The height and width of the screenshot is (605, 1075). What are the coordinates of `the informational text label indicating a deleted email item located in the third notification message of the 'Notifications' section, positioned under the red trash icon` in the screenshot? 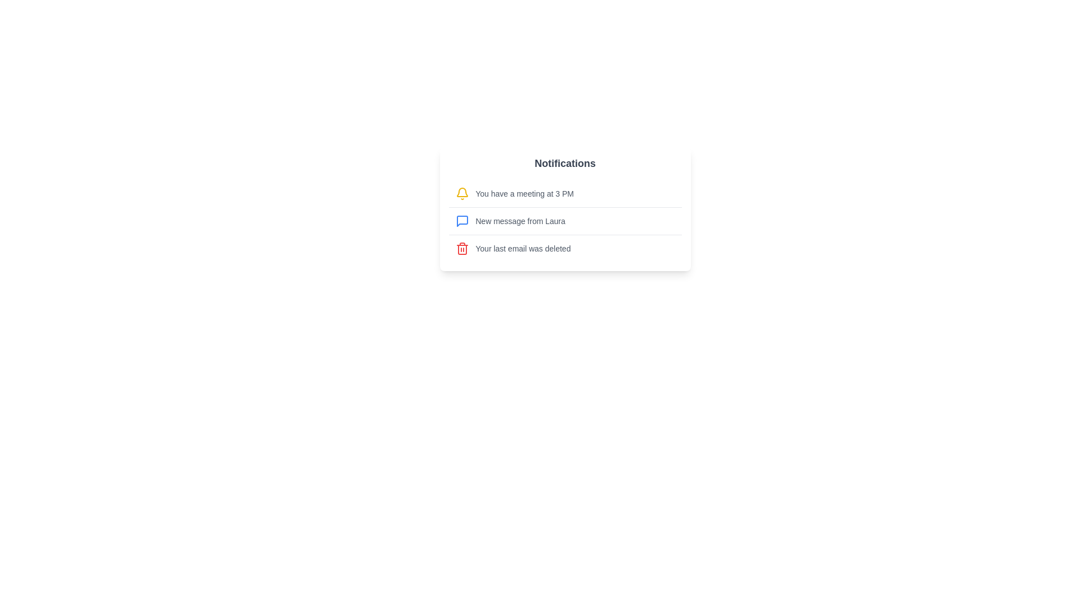 It's located at (522, 248).